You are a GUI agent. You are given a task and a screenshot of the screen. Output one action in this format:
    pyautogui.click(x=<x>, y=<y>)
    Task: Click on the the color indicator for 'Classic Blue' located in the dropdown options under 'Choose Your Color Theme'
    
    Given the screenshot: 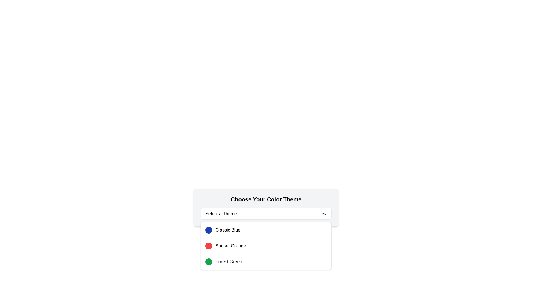 What is the action you would take?
    pyautogui.click(x=208, y=230)
    